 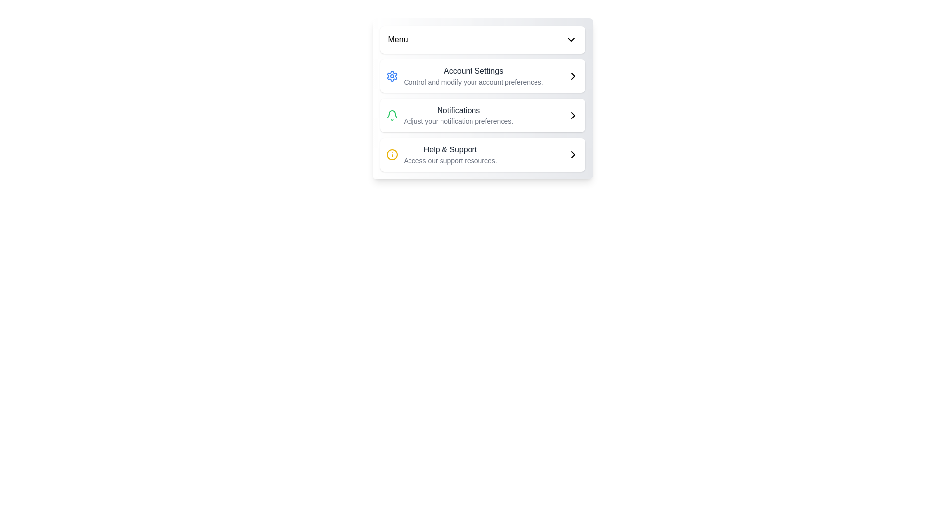 What do you see at coordinates (573, 155) in the screenshot?
I see `the chevron icon pointing right, which is part of the 'Help & Support' menu item, located at the far-right end aligned with the text 'Help & Support'` at bounding box center [573, 155].